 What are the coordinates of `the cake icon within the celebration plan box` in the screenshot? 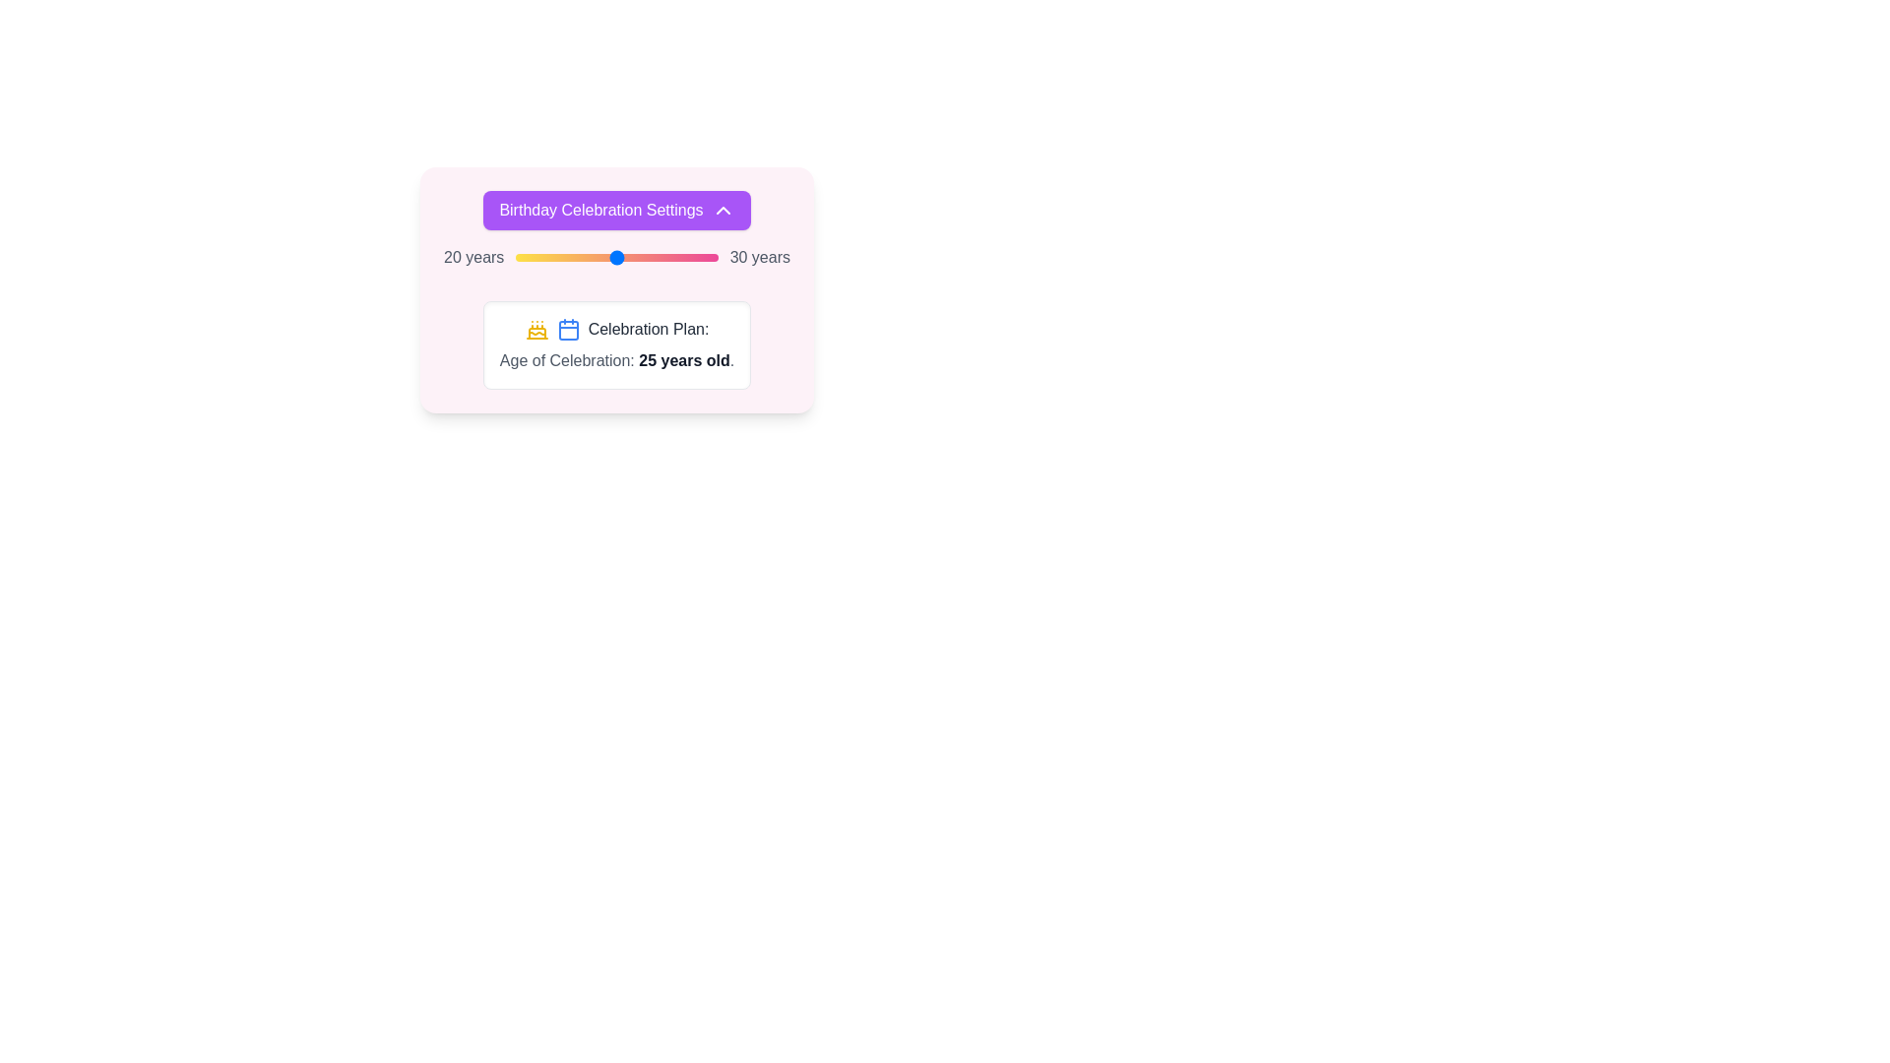 It's located at (536, 329).